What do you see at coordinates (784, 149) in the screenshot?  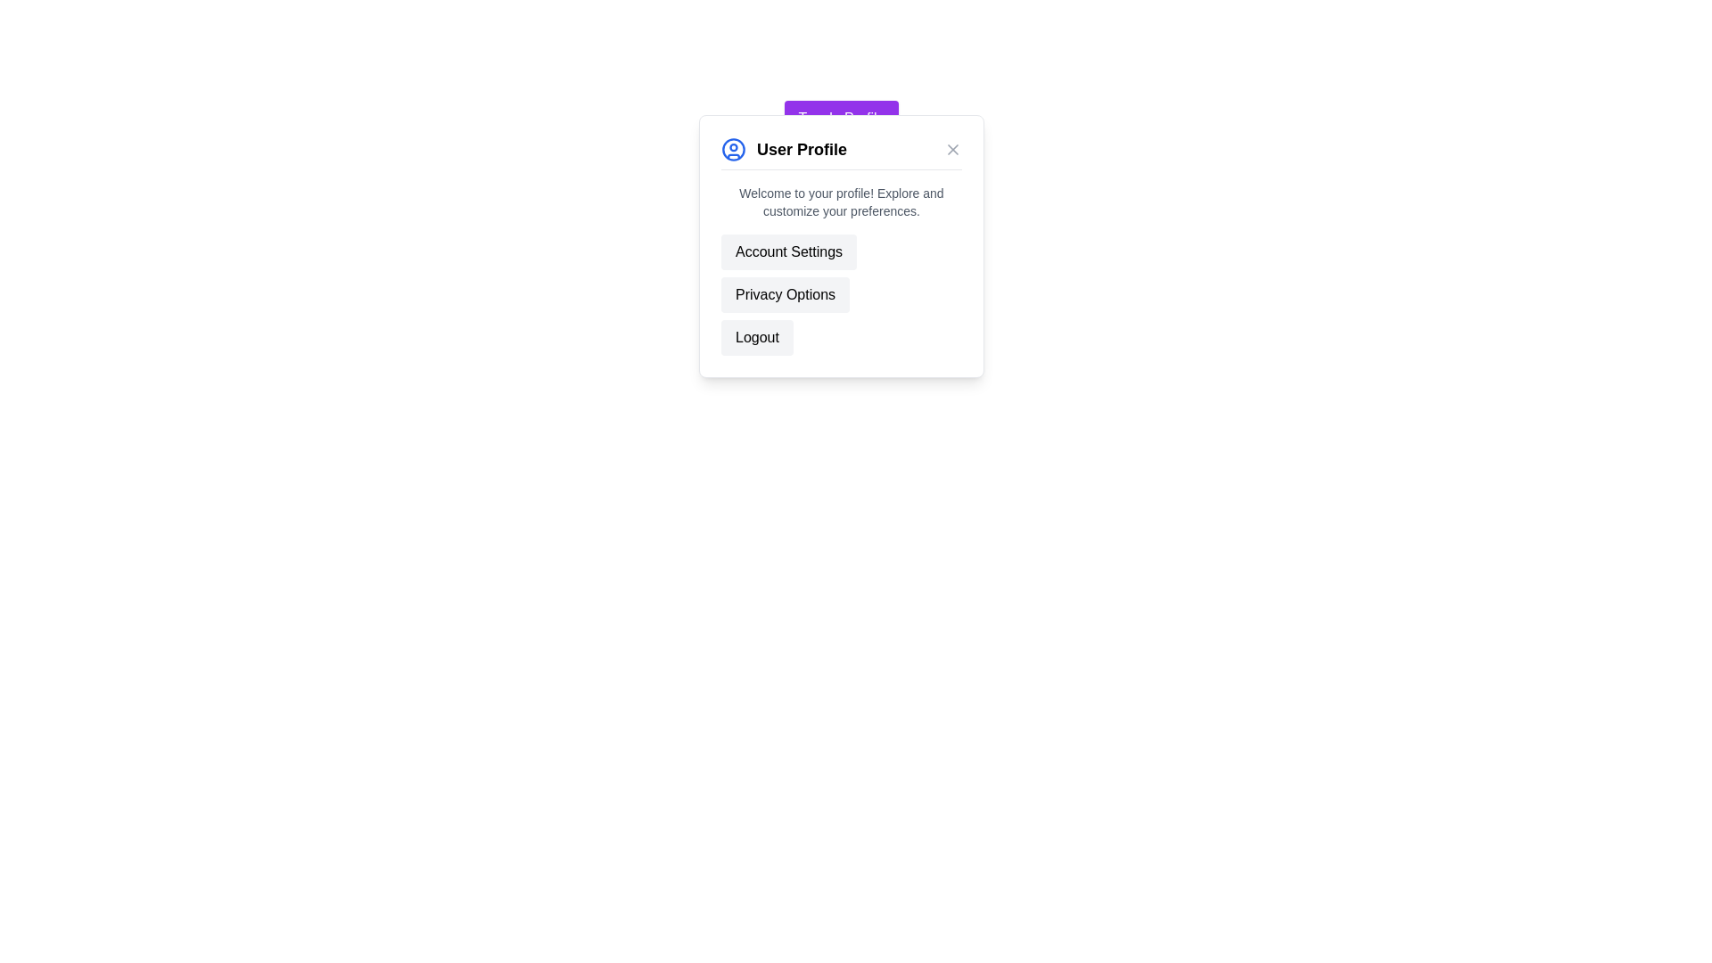 I see `the user profile section header label with icon located near the top-left corner of the pop-up` at bounding box center [784, 149].